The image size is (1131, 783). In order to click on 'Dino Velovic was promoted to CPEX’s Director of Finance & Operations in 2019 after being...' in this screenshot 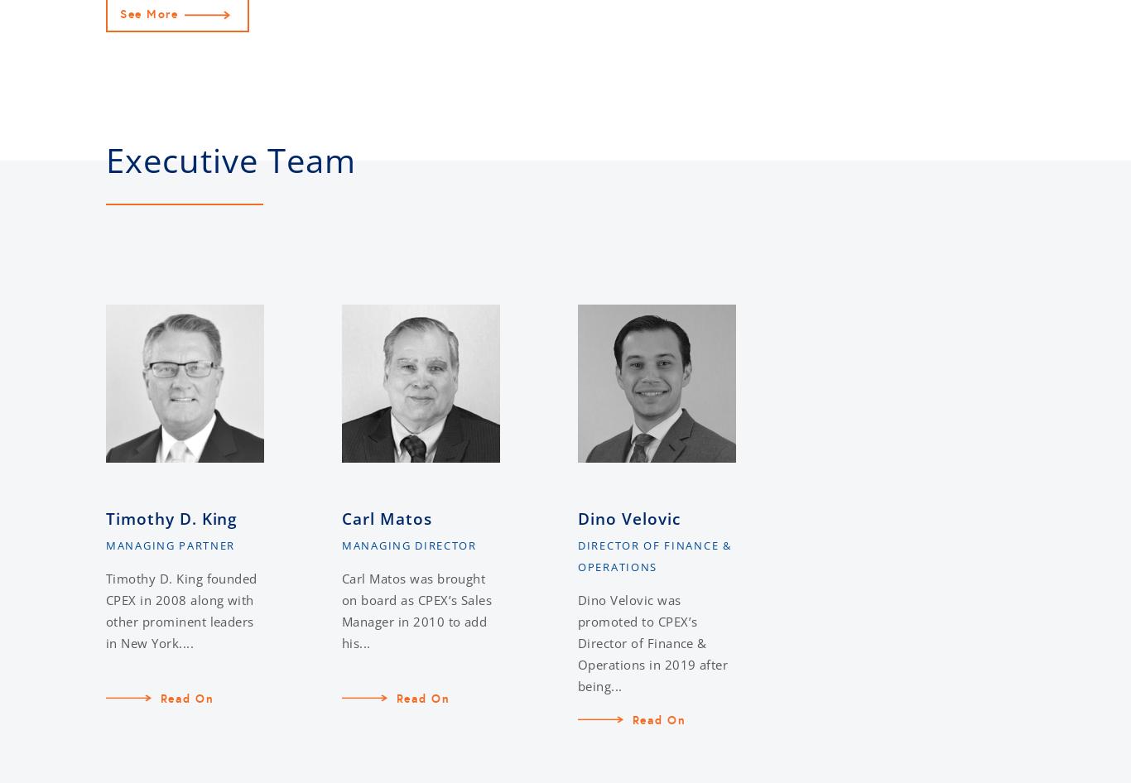, I will do `click(578, 642)`.